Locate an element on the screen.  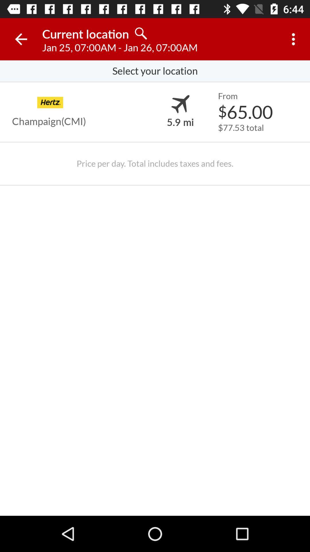
the icon above select your location icon is located at coordinates (21, 39).